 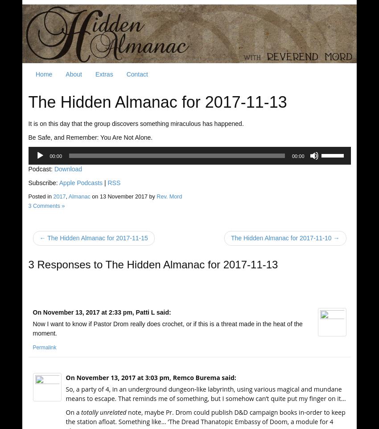 What do you see at coordinates (90, 137) in the screenshot?
I see `'Be Safe, and Remember: You Are Not Alone.'` at bounding box center [90, 137].